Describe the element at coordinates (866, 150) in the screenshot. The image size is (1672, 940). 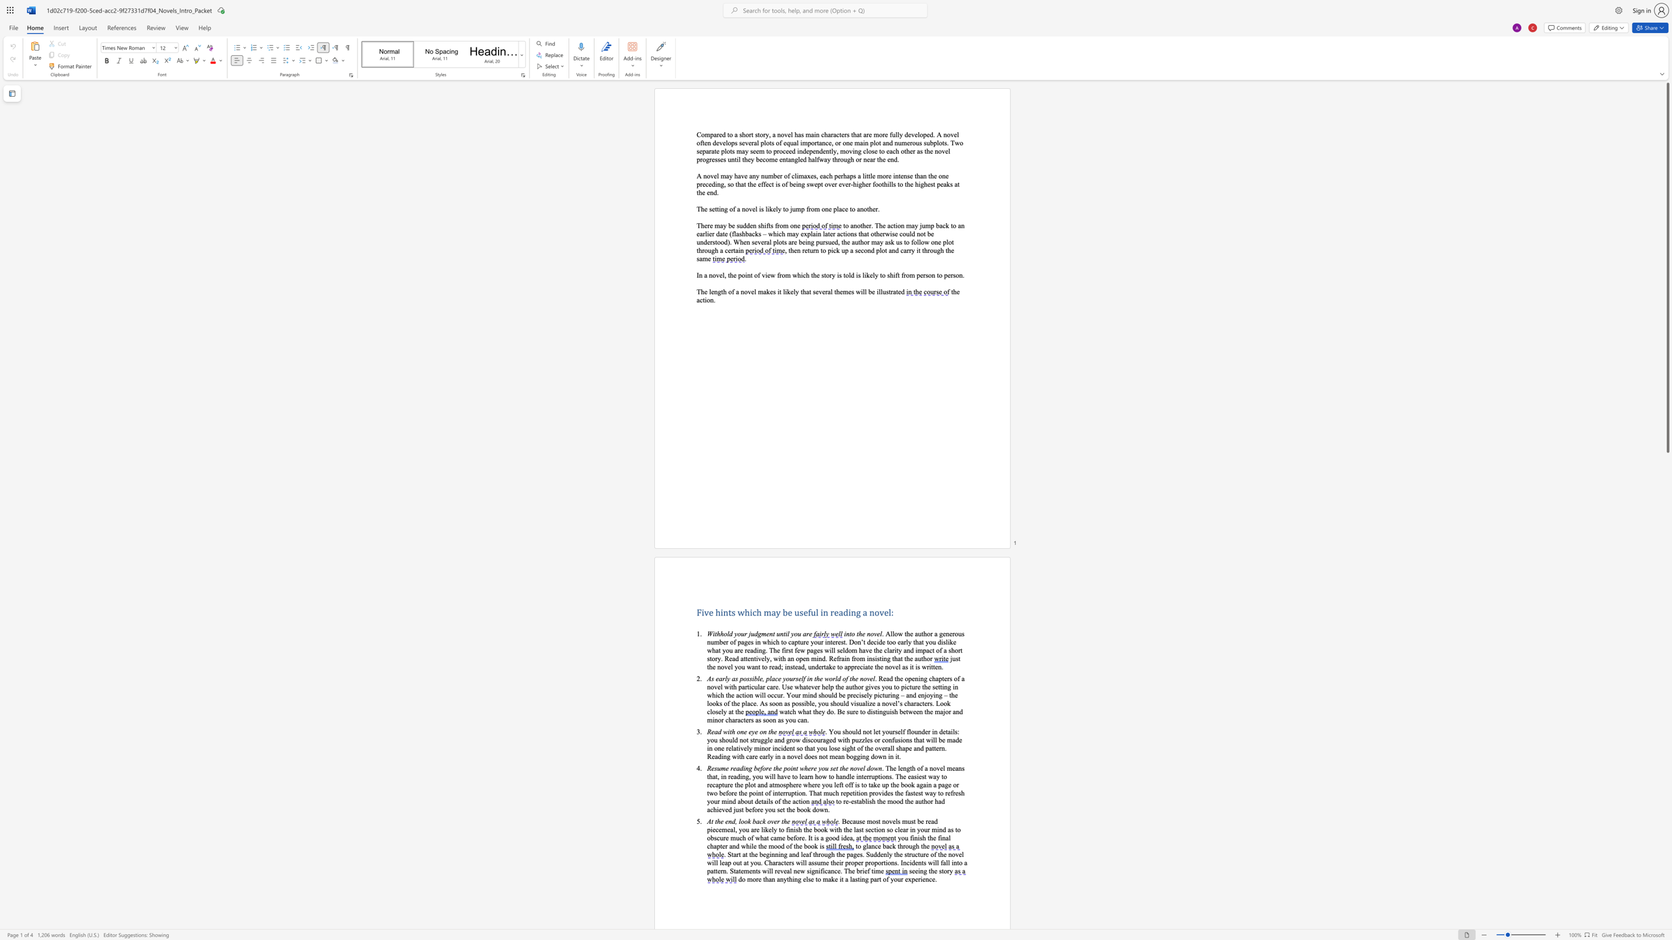
I see `the space between the continuous character "c" and "l" in the text` at that location.